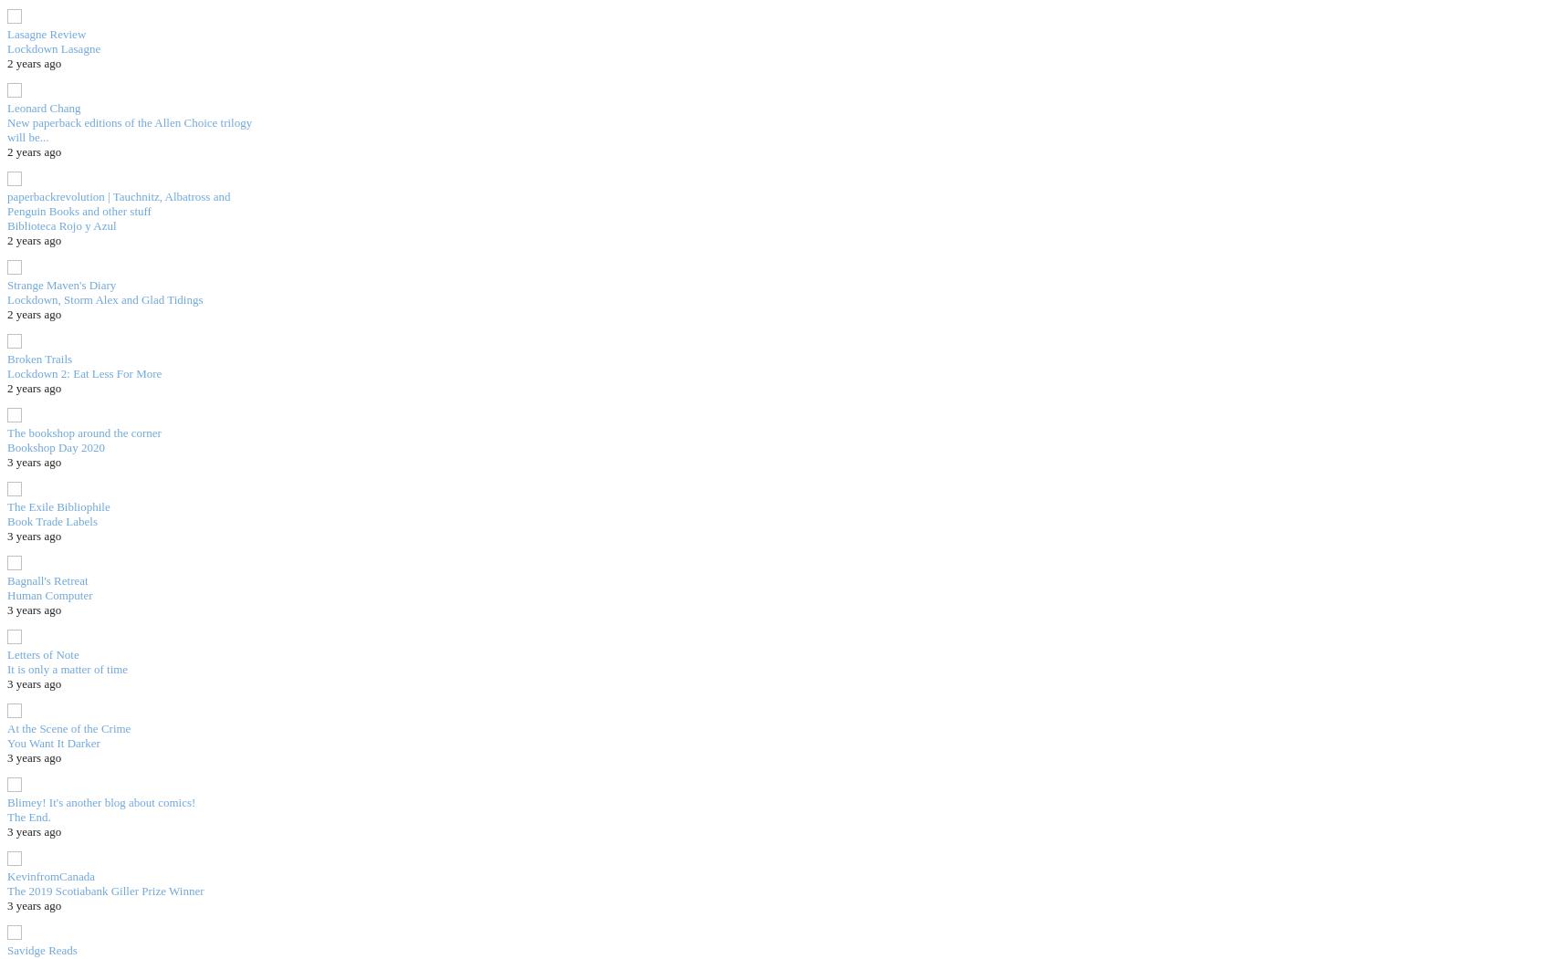 The width and height of the screenshot is (1562, 959). What do you see at coordinates (83, 431) in the screenshot?
I see `'The bookshop around the corner'` at bounding box center [83, 431].